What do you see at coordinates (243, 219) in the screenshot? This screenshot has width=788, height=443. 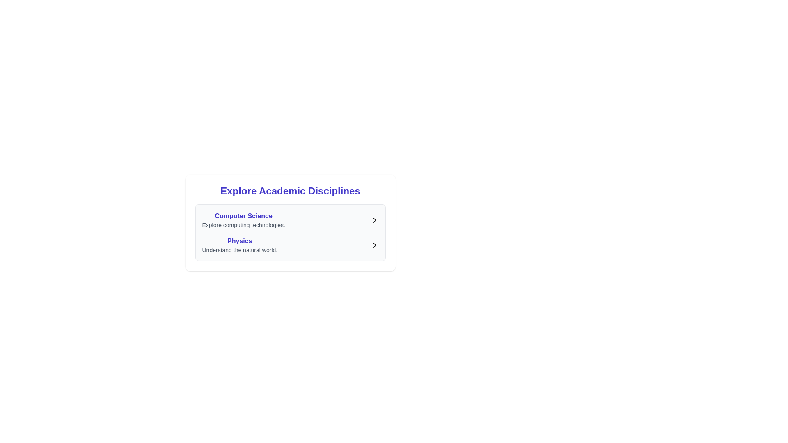 I see `informational block about the academic discipline 'Computer Science' located below the heading 'Explore Academic Disciplines.'` at bounding box center [243, 219].